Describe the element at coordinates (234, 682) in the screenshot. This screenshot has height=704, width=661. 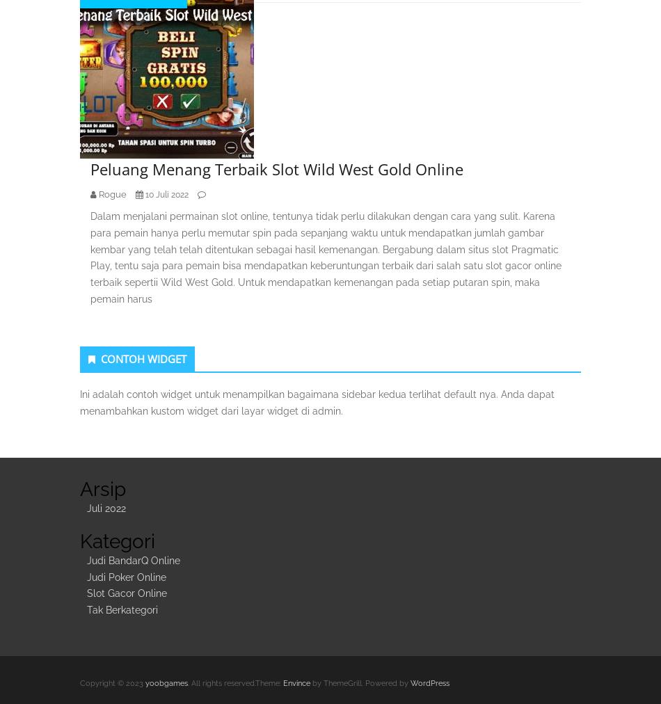
I see `'. All rights reserved.Theme:'` at that location.